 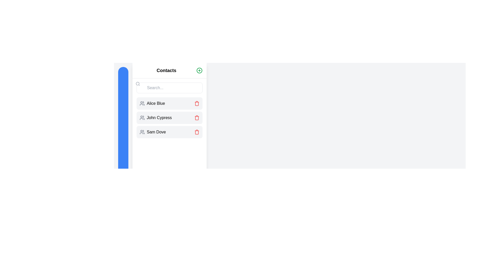 What do you see at coordinates (142, 132) in the screenshot?
I see `the gray user group icon located to the left of the text 'Sam Dove' in the contacts list` at bounding box center [142, 132].